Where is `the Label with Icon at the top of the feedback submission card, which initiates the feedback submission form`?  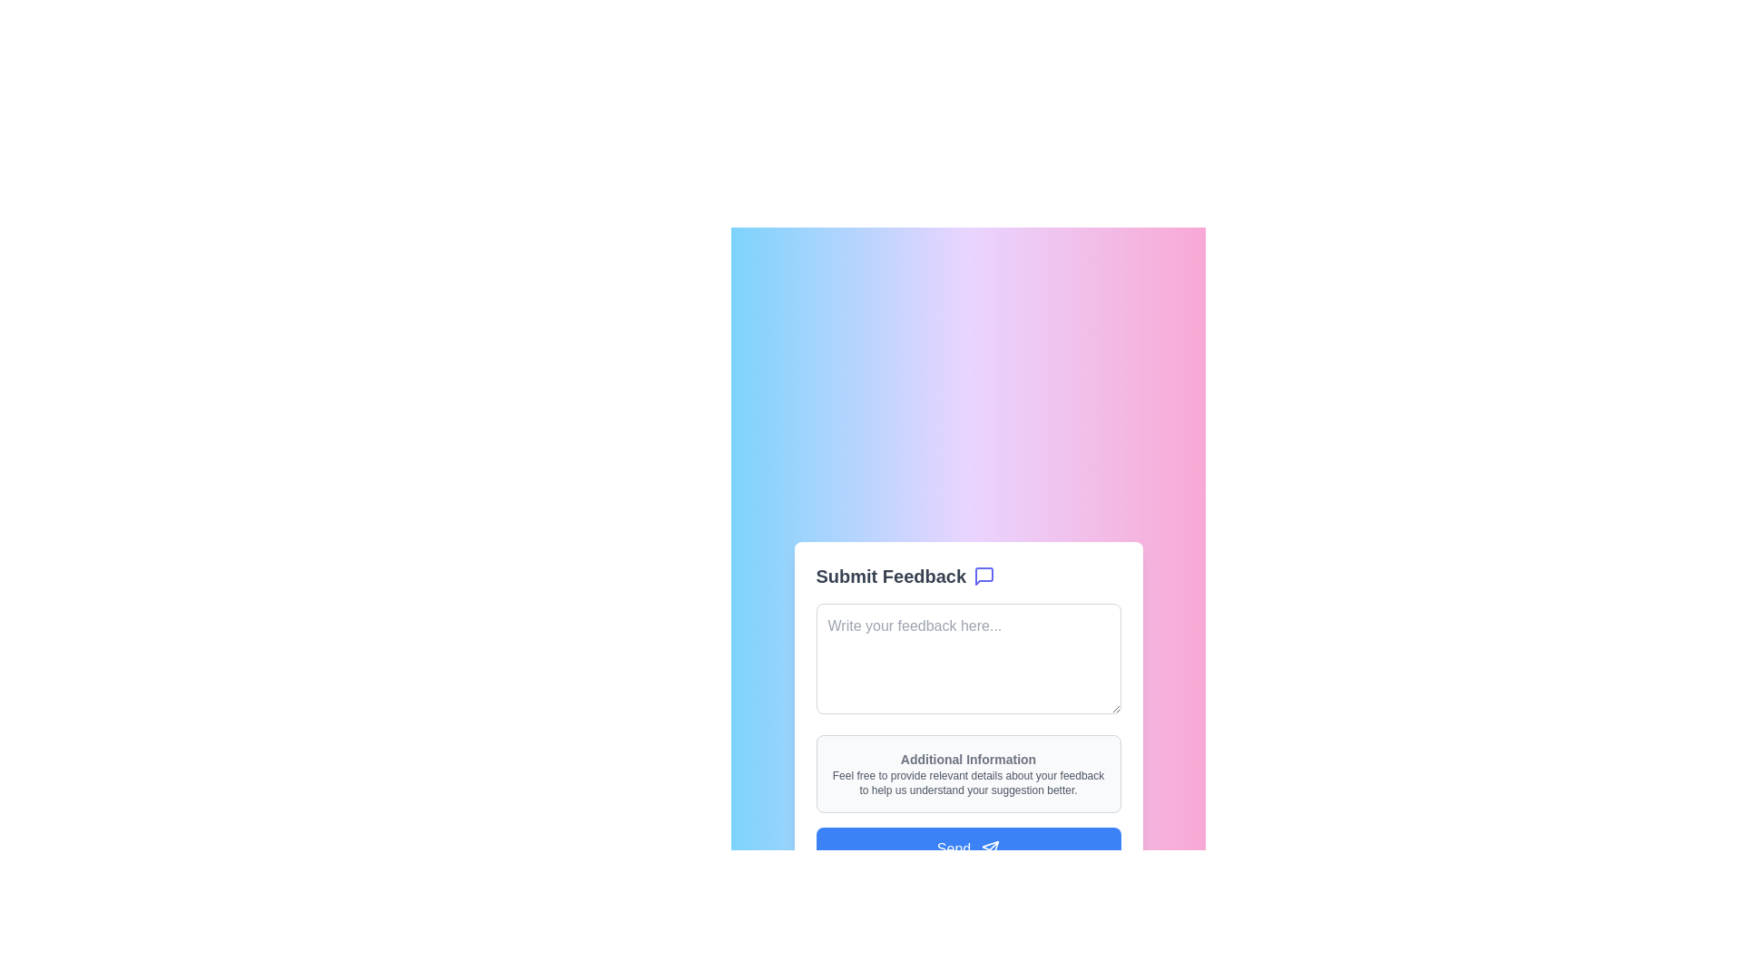 the Label with Icon at the top of the feedback submission card, which initiates the feedback submission form is located at coordinates (967, 576).